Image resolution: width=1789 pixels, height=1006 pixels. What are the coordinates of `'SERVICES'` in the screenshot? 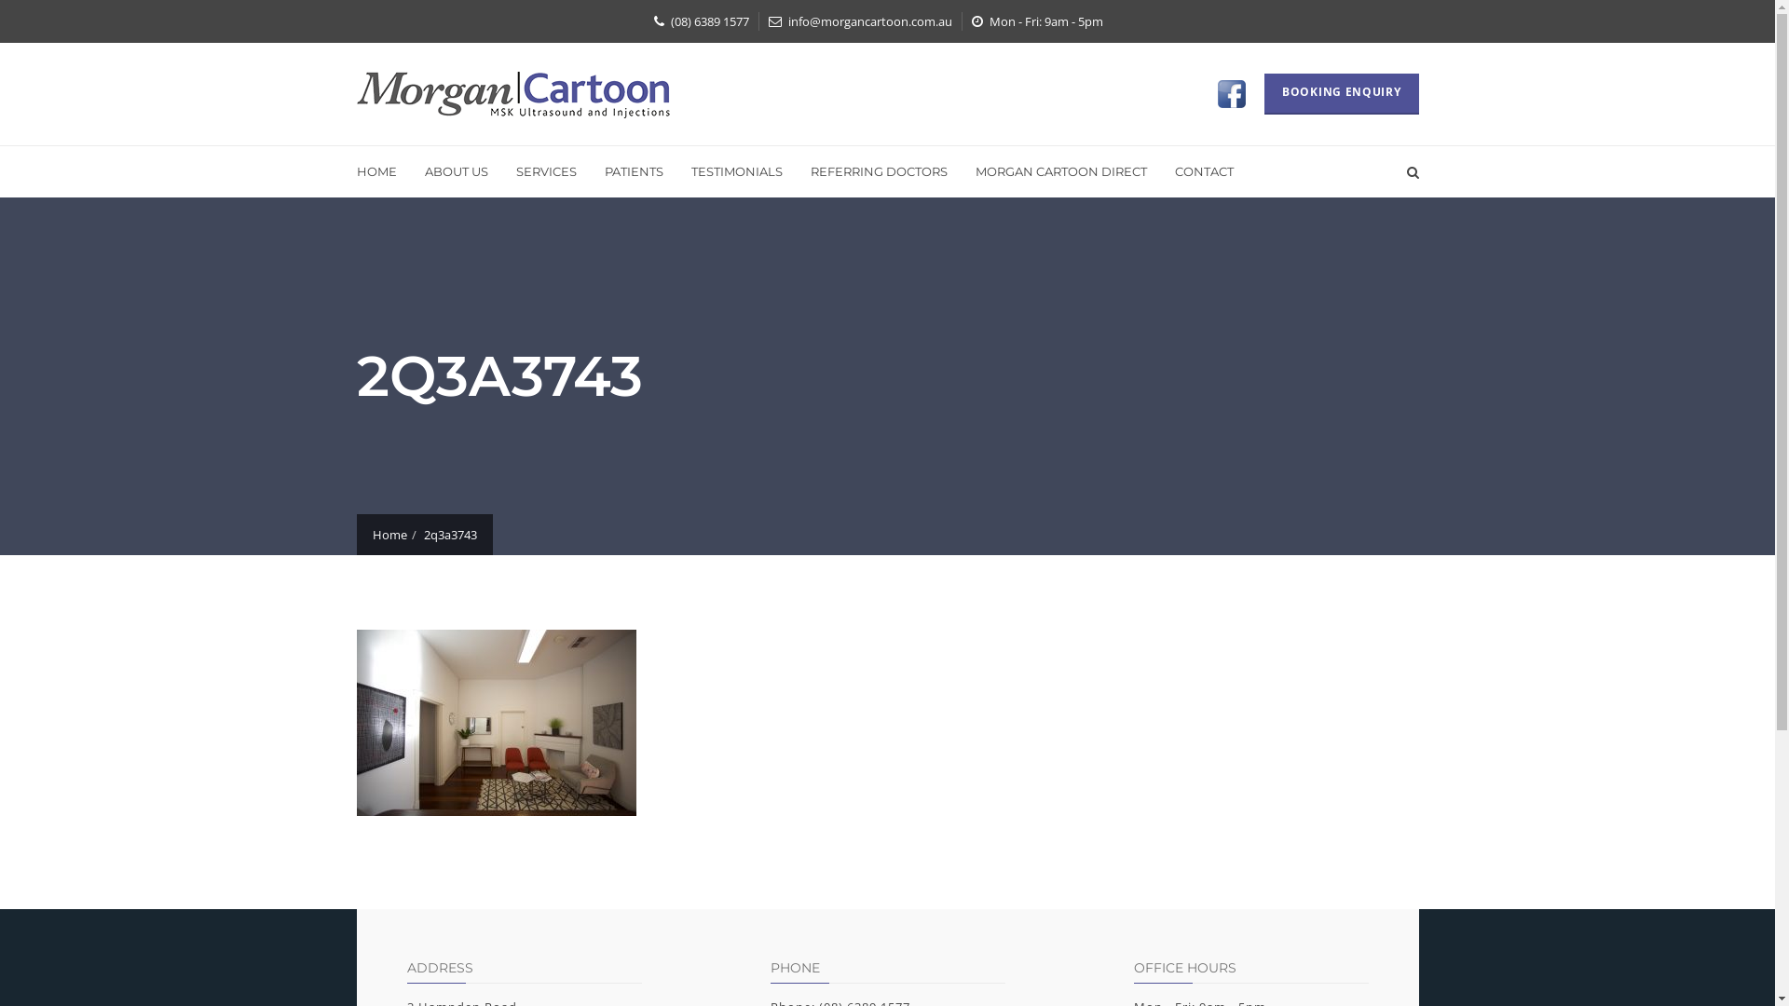 It's located at (544, 171).